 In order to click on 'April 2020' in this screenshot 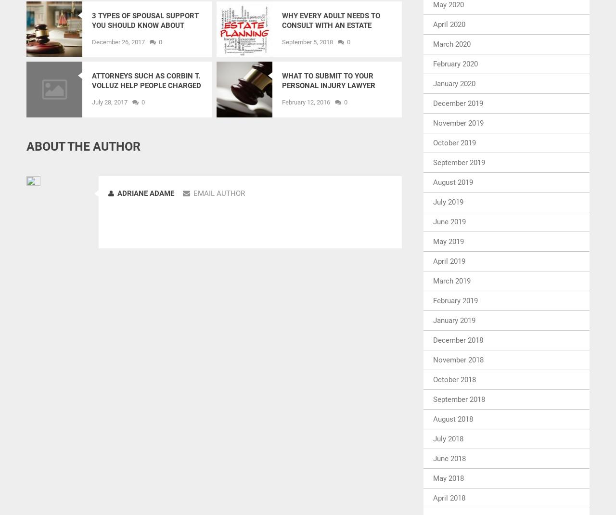, I will do `click(449, 23)`.